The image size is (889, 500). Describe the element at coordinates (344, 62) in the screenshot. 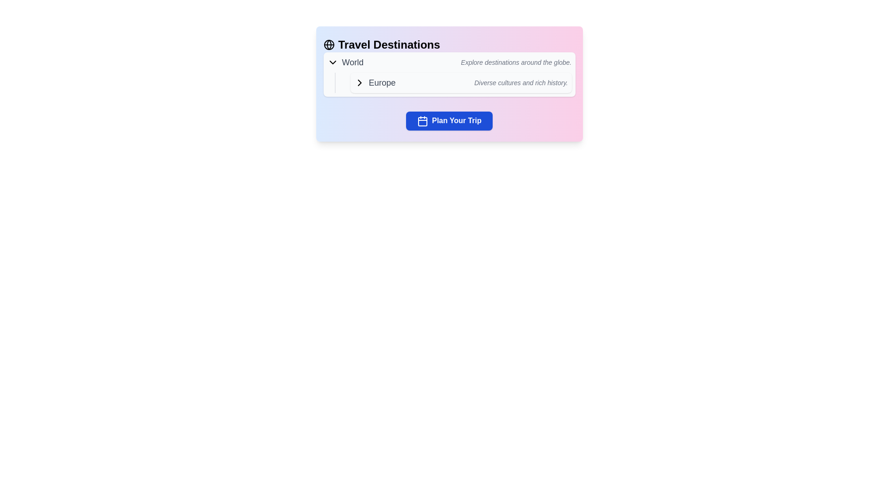

I see `the label for the dropdown component associated with 'Travel Destinations'` at that location.